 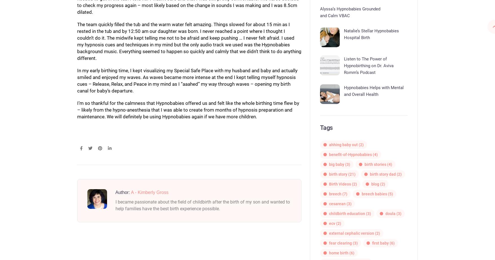 I want to click on 'benefit-of-Hypnobabies', so click(x=350, y=154).